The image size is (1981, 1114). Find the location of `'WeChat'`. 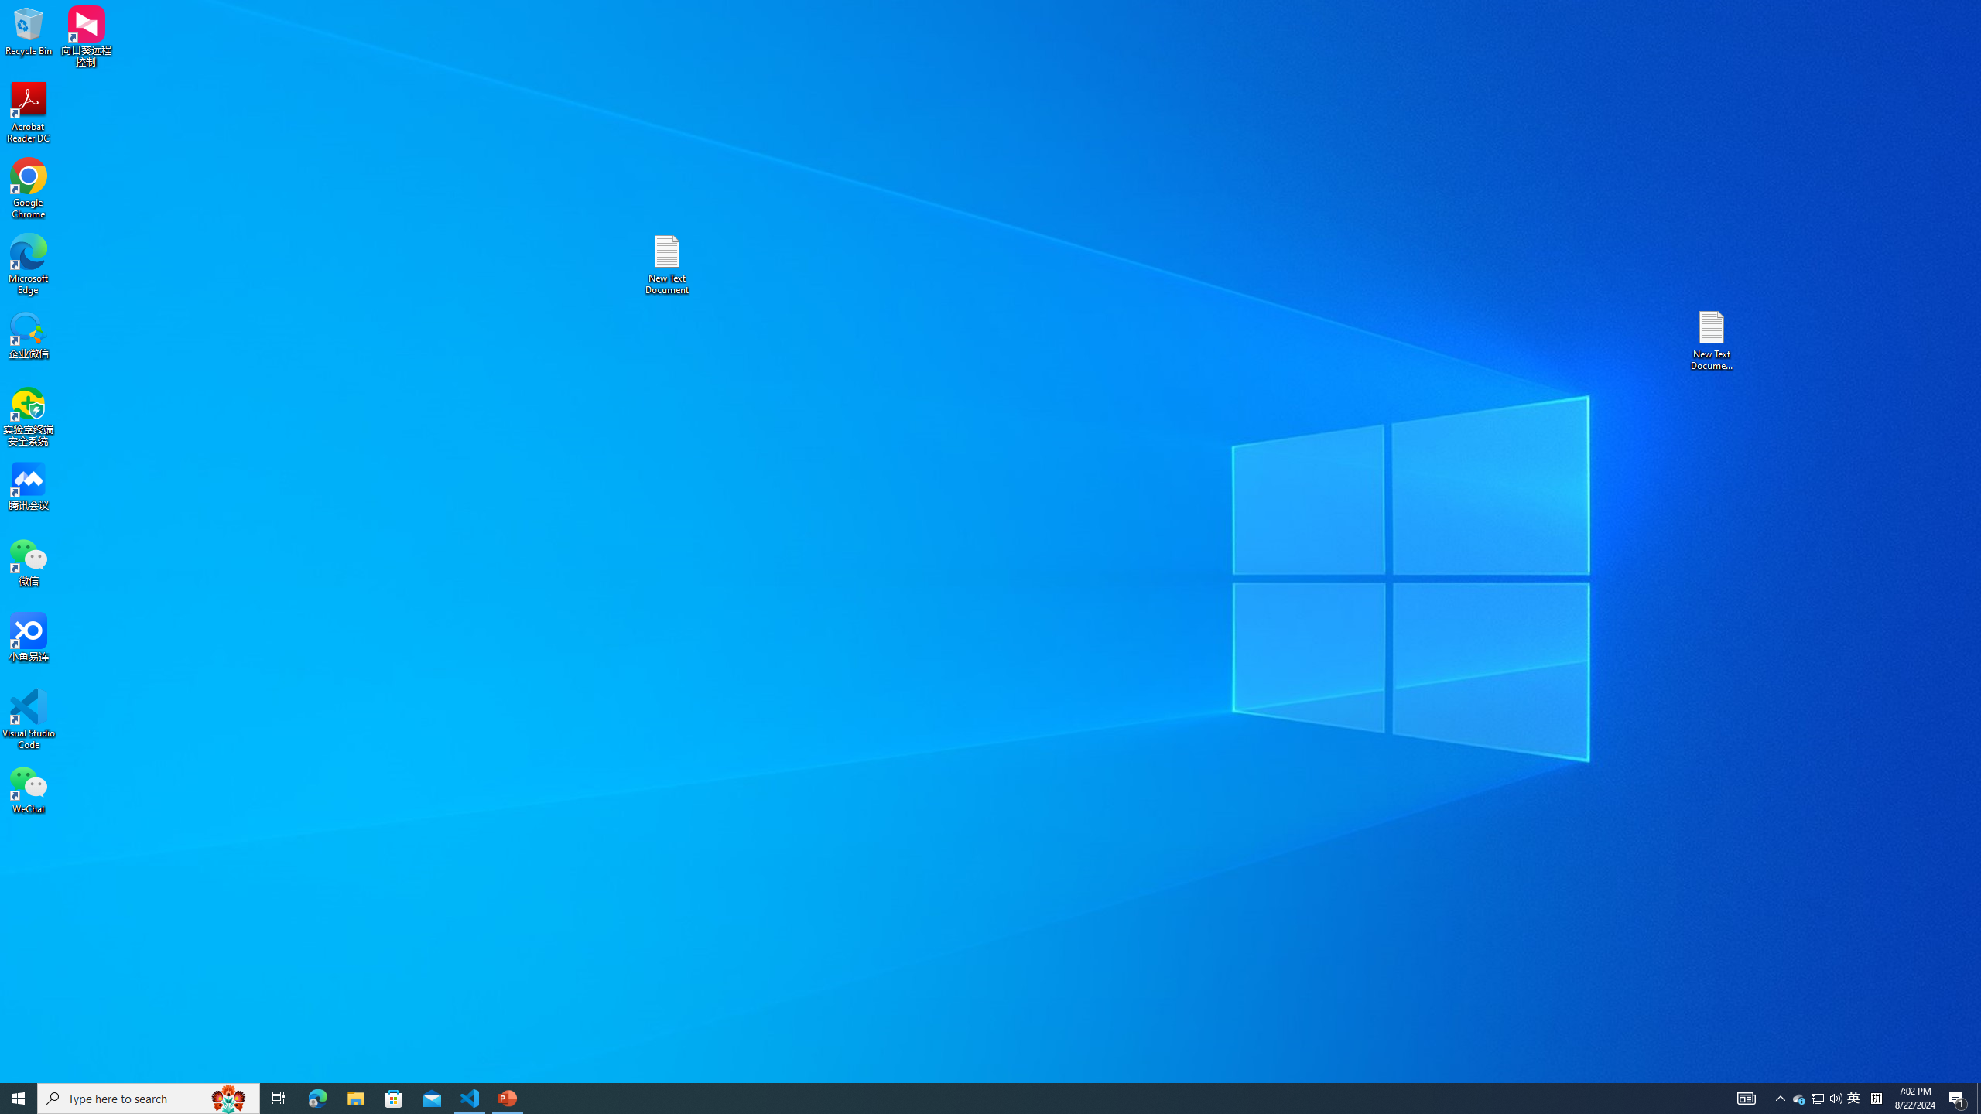

'WeChat' is located at coordinates (28, 788).